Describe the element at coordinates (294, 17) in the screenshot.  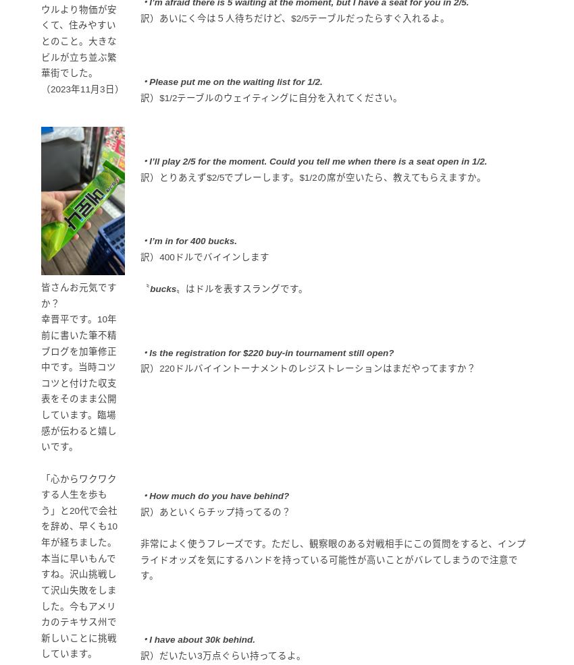
I see `'訳）あいにく今は５人待ちだけど、$2/5テーブルだったらすぐ入れるよ。'` at that location.